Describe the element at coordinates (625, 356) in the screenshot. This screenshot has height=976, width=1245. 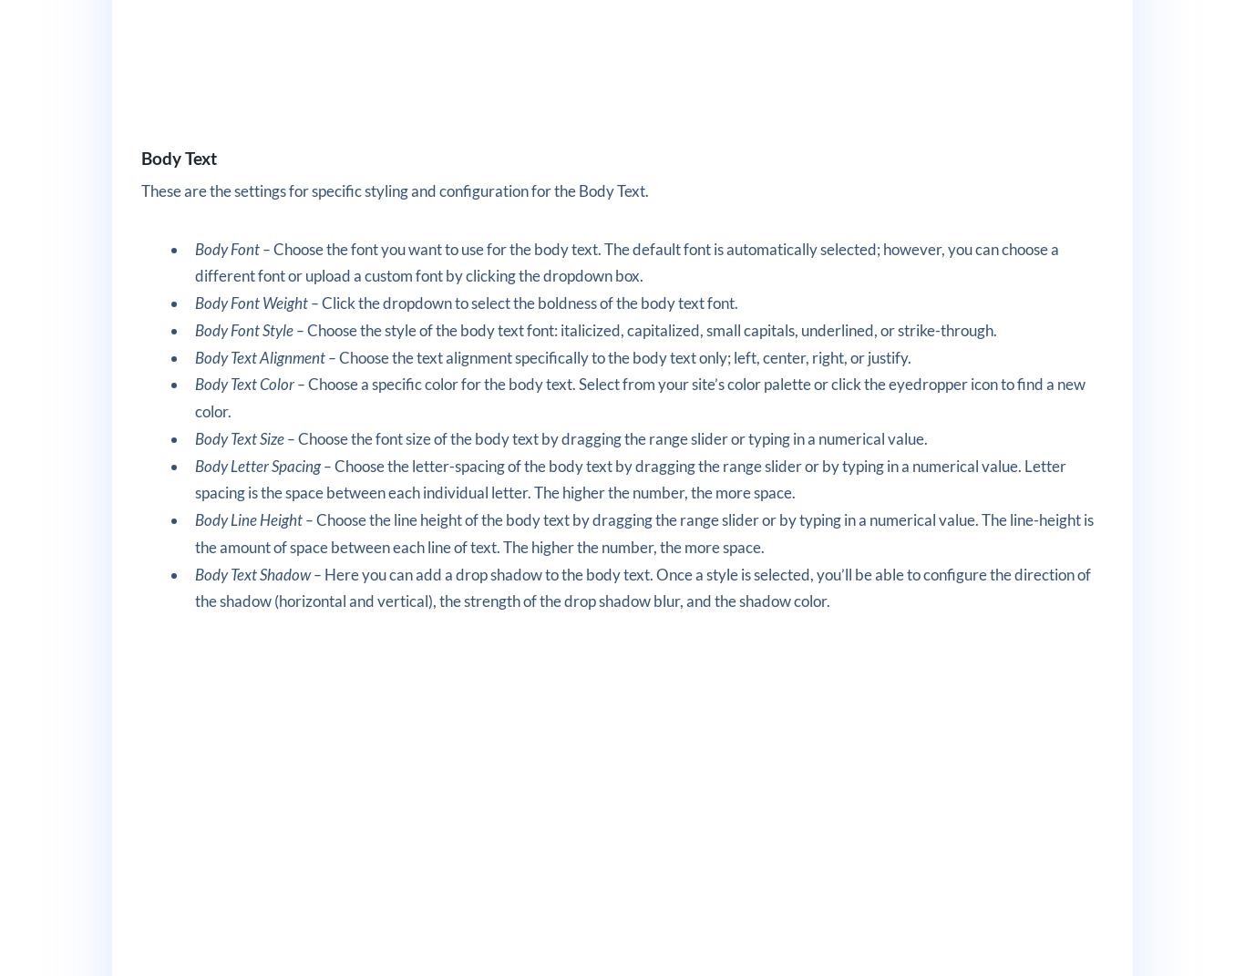
I see `'Choose the text alignment specifically to the body text only; left, center, right, or justify.'` at that location.